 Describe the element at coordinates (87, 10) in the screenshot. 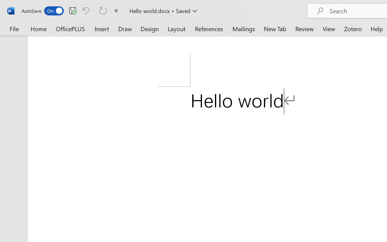

I see `'Can'` at that location.